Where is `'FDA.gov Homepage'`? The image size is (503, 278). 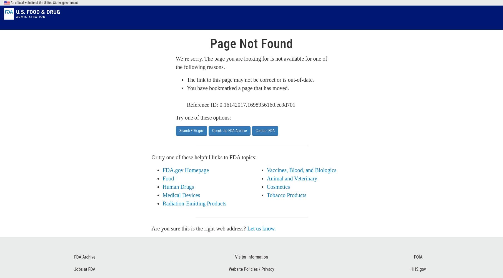 'FDA.gov Homepage' is located at coordinates (186, 170).